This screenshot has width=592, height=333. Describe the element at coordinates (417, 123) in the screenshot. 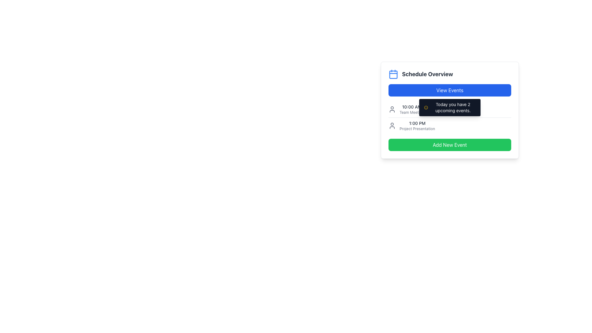

I see `static text component displaying the time '1:00 PM' located on the right side of the second event item in the 'Schedule Overview' panel` at that location.